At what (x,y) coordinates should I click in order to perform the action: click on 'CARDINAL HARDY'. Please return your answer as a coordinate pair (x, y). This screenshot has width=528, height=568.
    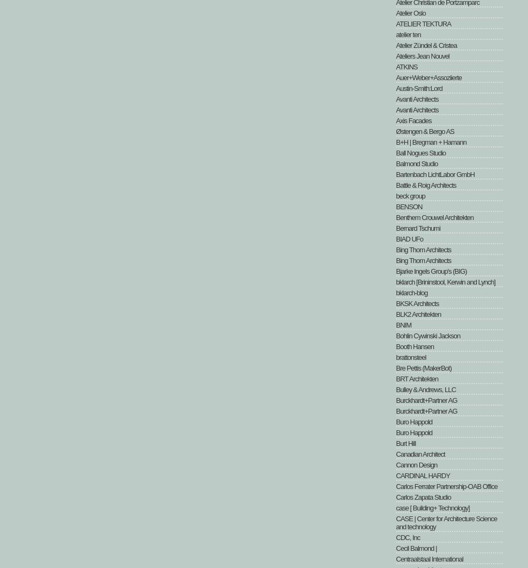
    Looking at the image, I should click on (422, 475).